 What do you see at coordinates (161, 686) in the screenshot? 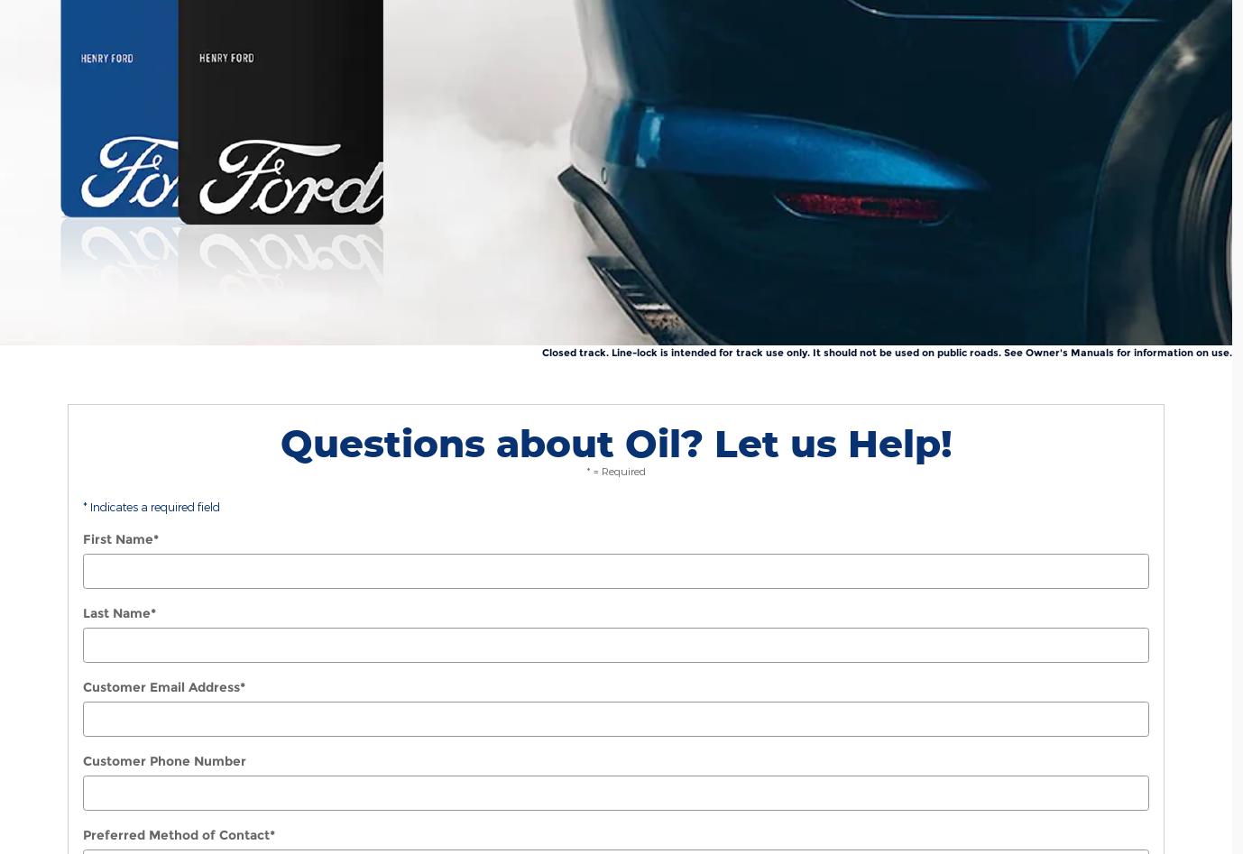
I see `'Customer Email Address'` at bounding box center [161, 686].